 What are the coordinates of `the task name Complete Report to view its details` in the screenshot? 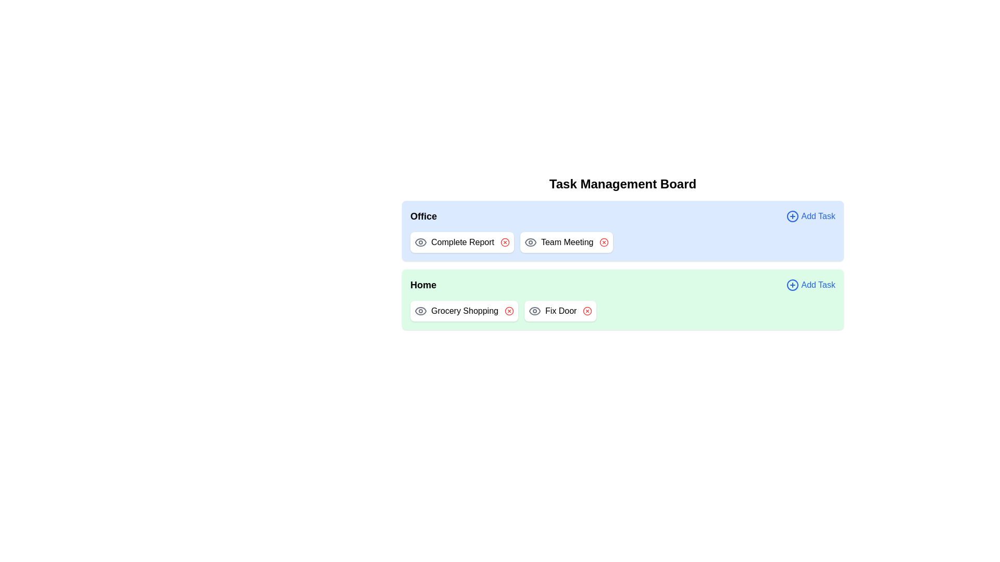 It's located at (461, 242).